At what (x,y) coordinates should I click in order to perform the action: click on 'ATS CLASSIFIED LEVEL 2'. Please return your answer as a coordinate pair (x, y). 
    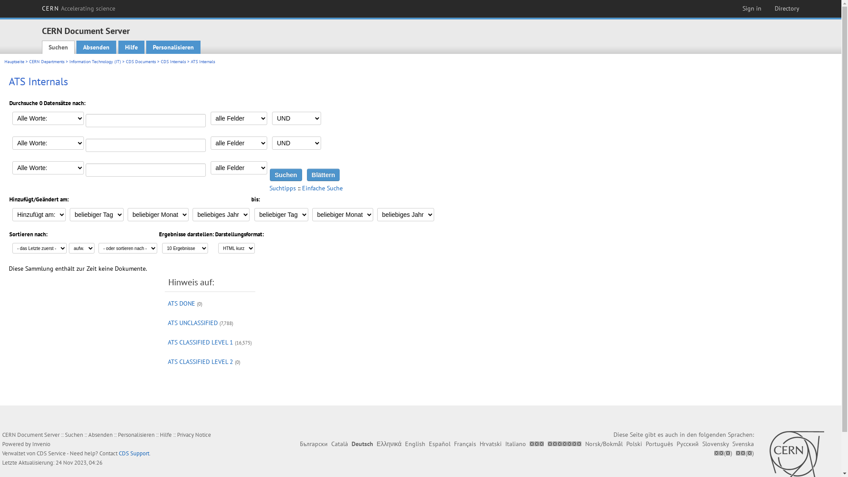
    Looking at the image, I should click on (200, 361).